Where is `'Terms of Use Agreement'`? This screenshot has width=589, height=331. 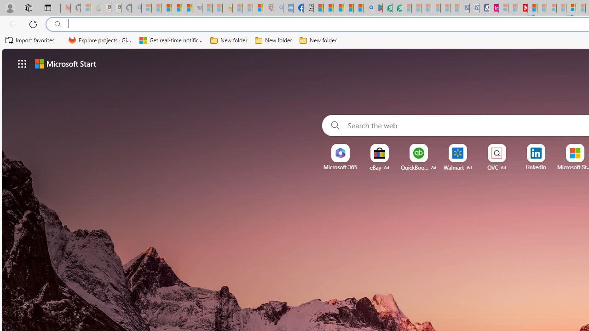 'Terms of Use Agreement' is located at coordinates (387, 8).